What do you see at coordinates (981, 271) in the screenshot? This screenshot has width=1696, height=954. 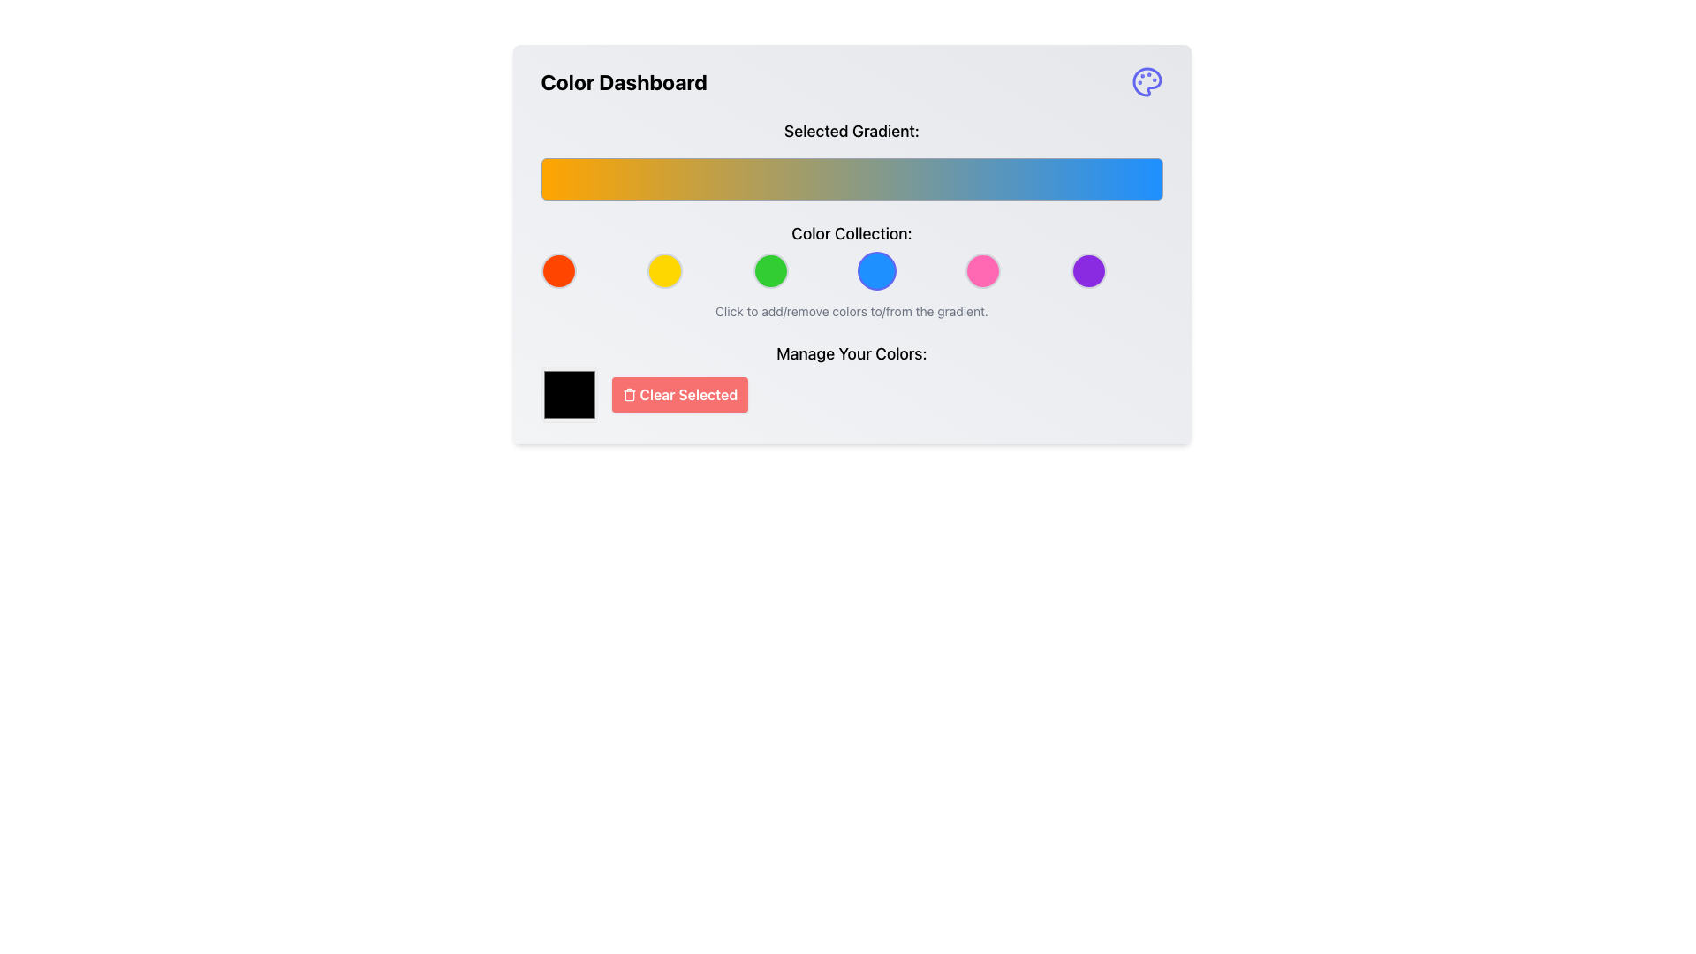 I see `the circular button with a vibrant pink background and a thin gray border` at bounding box center [981, 271].